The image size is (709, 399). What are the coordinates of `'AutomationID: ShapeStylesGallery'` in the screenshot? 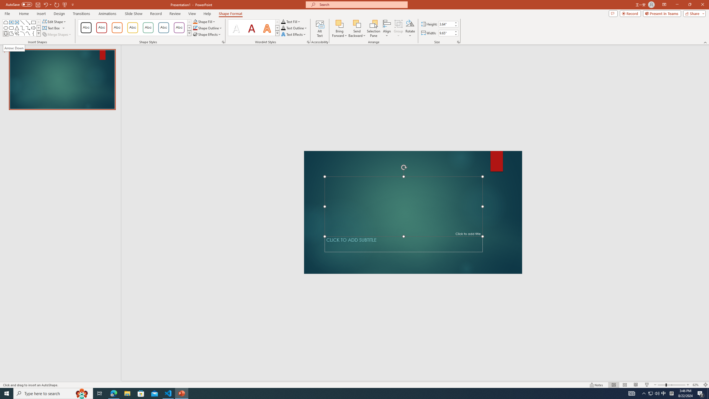 It's located at (134, 27).